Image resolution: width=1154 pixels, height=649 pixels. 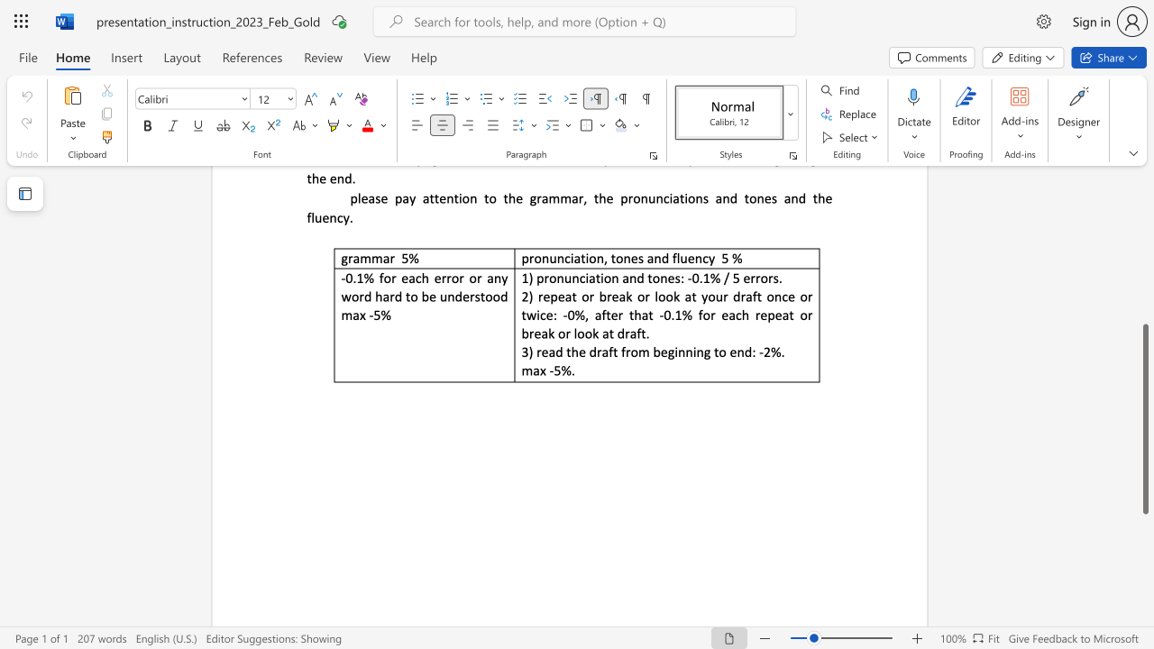 I want to click on the scrollbar to scroll the page up, so click(x=1144, y=305).